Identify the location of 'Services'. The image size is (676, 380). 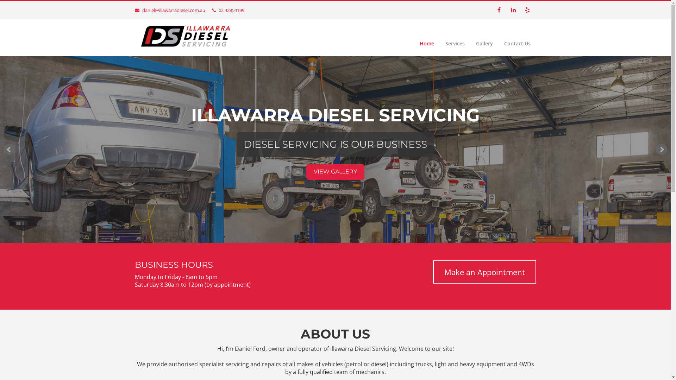
(455, 43).